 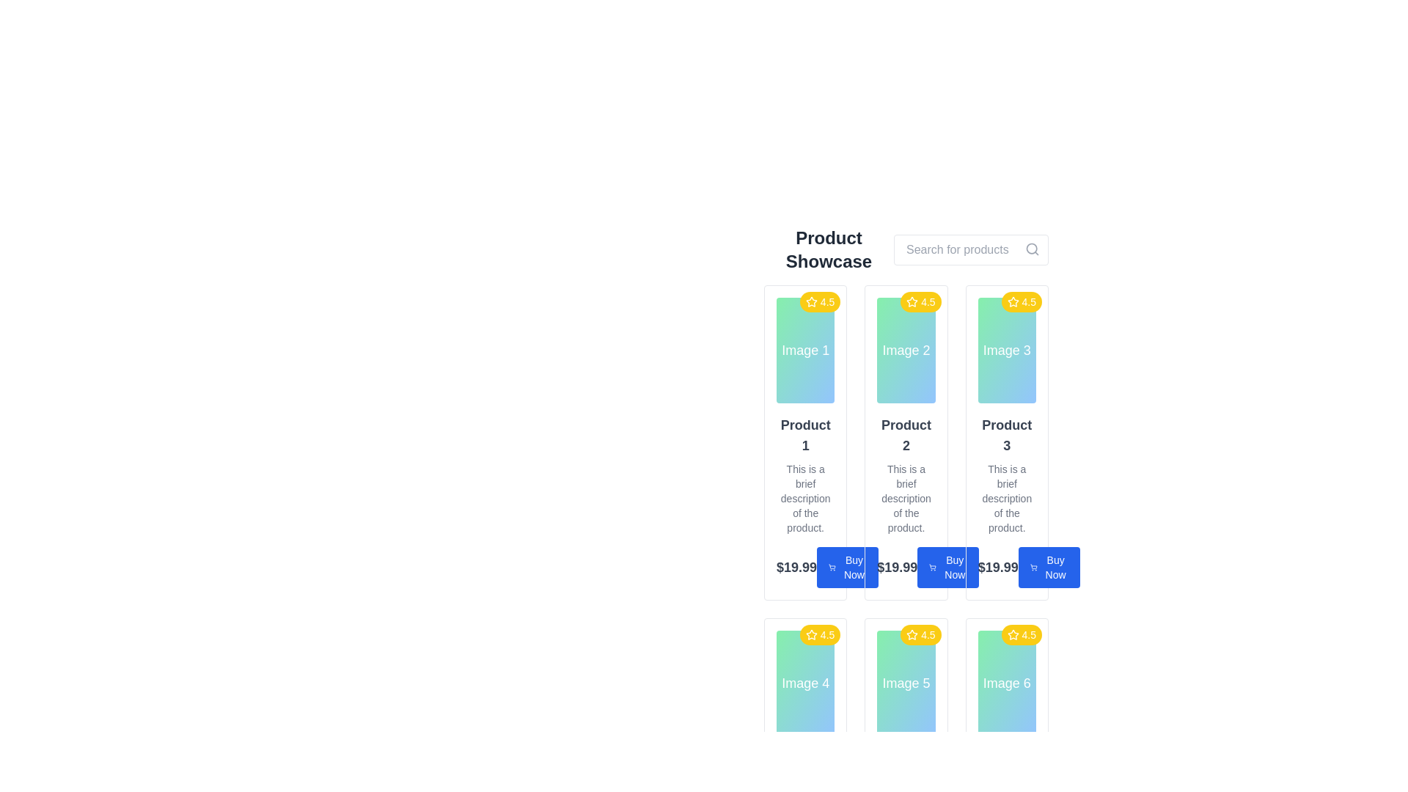 What do you see at coordinates (905, 497) in the screenshot?
I see `the Text Label element that contains the content 'This is a brief description of the product.' located in the center of the second product card in the second column of a grid layout` at bounding box center [905, 497].